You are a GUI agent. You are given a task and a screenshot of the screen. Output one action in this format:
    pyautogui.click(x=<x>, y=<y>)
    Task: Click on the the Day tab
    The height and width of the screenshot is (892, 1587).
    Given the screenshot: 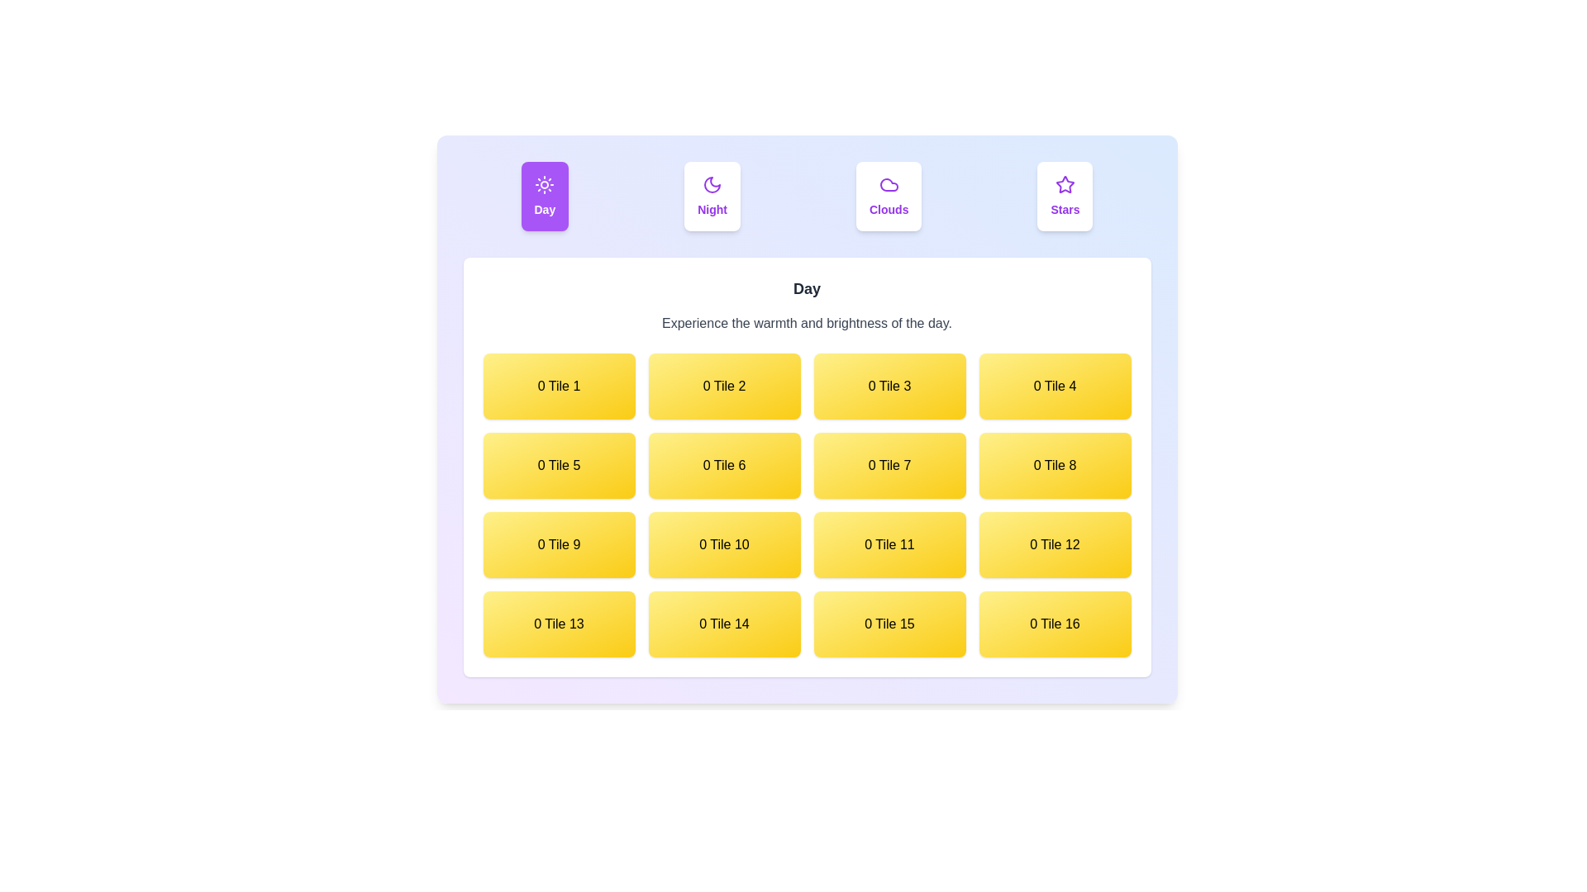 What is the action you would take?
    pyautogui.click(x=545, y=196)
    